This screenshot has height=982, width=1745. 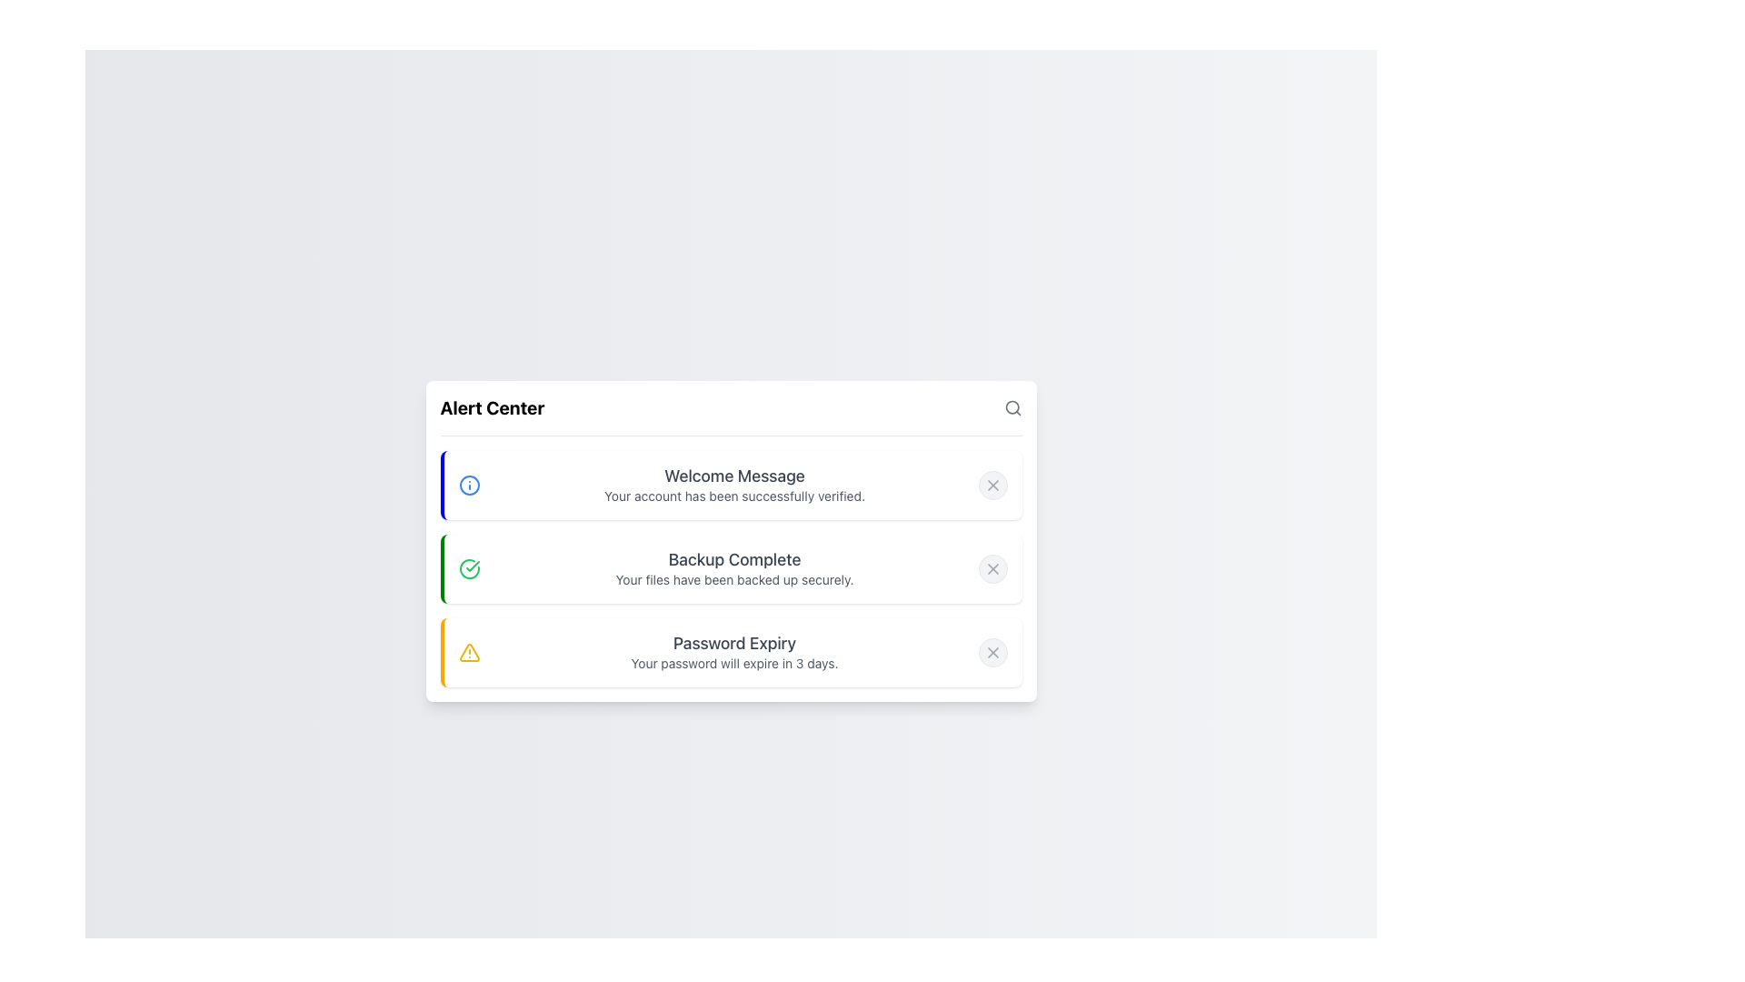 What do you see at coordinates (734, 475) in the screenshot?
I see `the text label that serves as the primary heading within the notification card in the 'Alert Center' section, which provides a summary of the card's content` at bounding box center [734, 475].